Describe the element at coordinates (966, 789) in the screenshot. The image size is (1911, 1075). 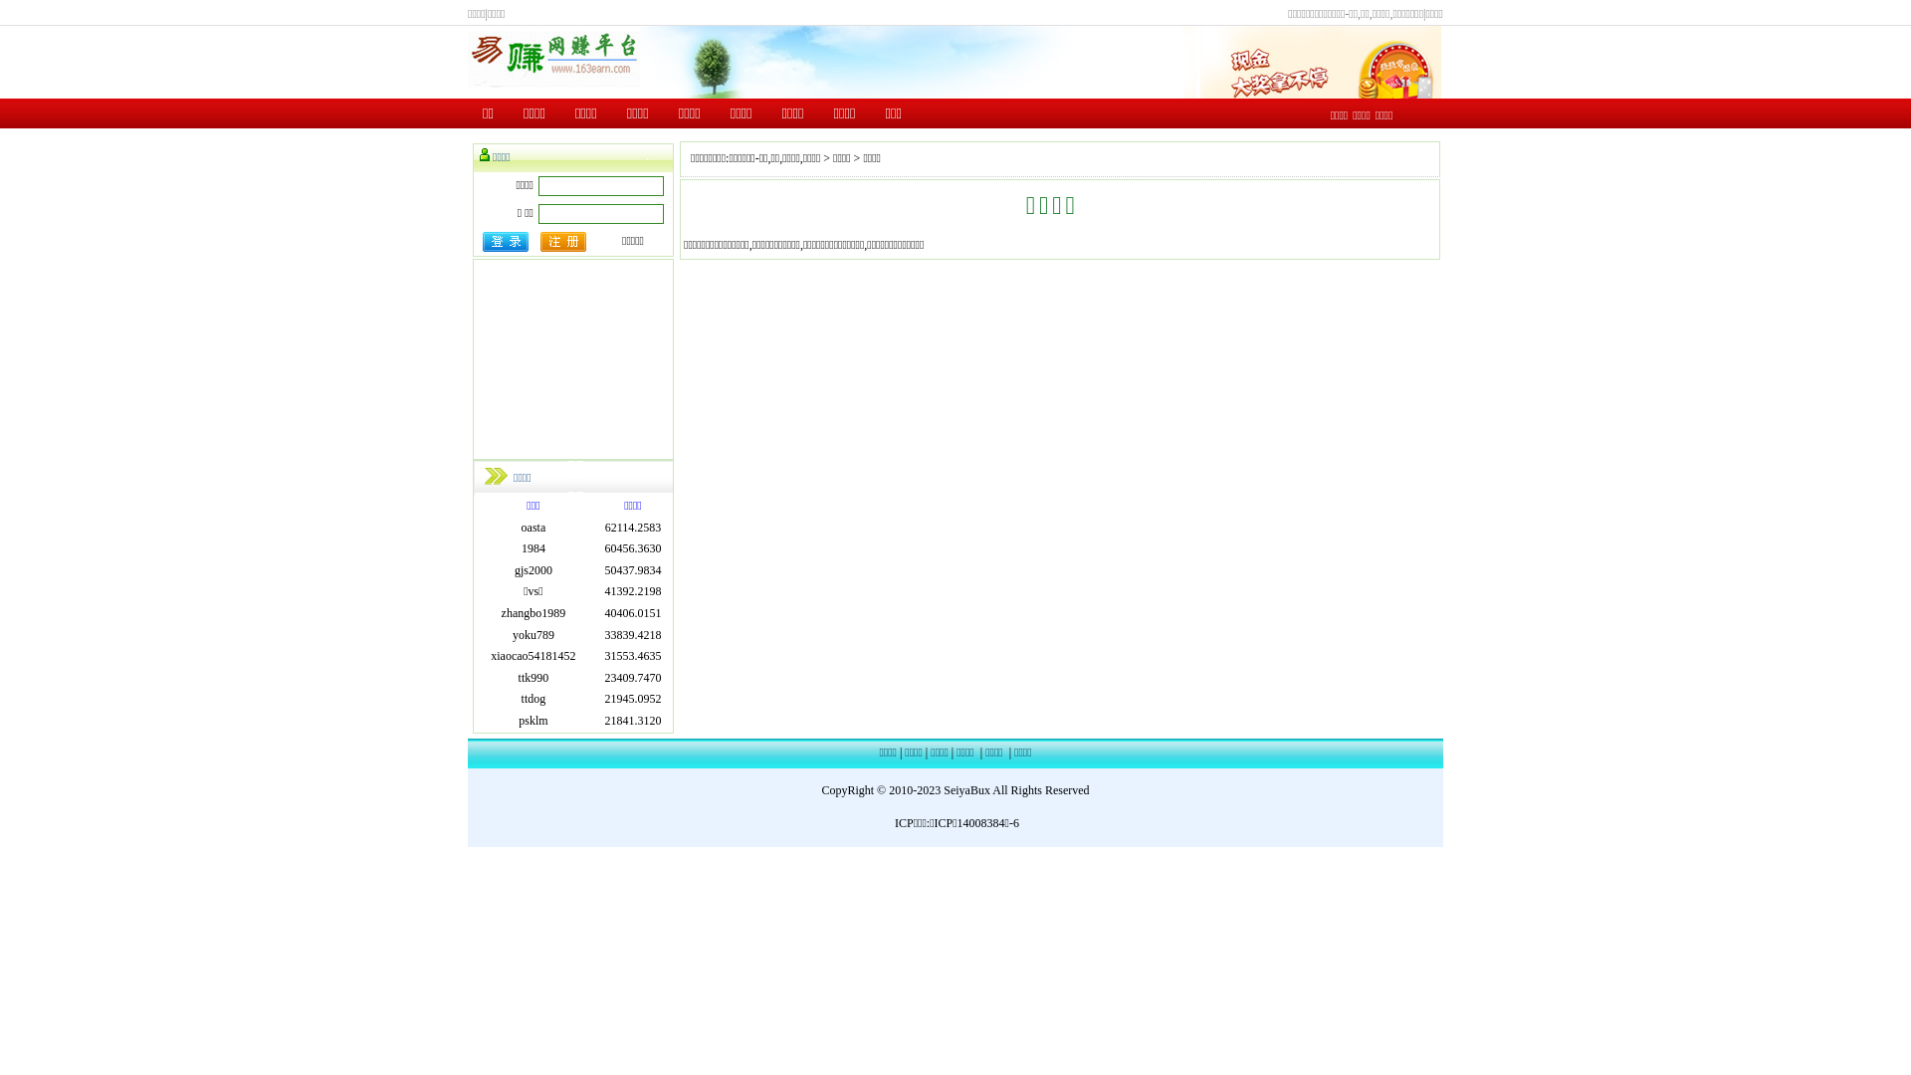
I see `'SeiyaBux'` at that location.